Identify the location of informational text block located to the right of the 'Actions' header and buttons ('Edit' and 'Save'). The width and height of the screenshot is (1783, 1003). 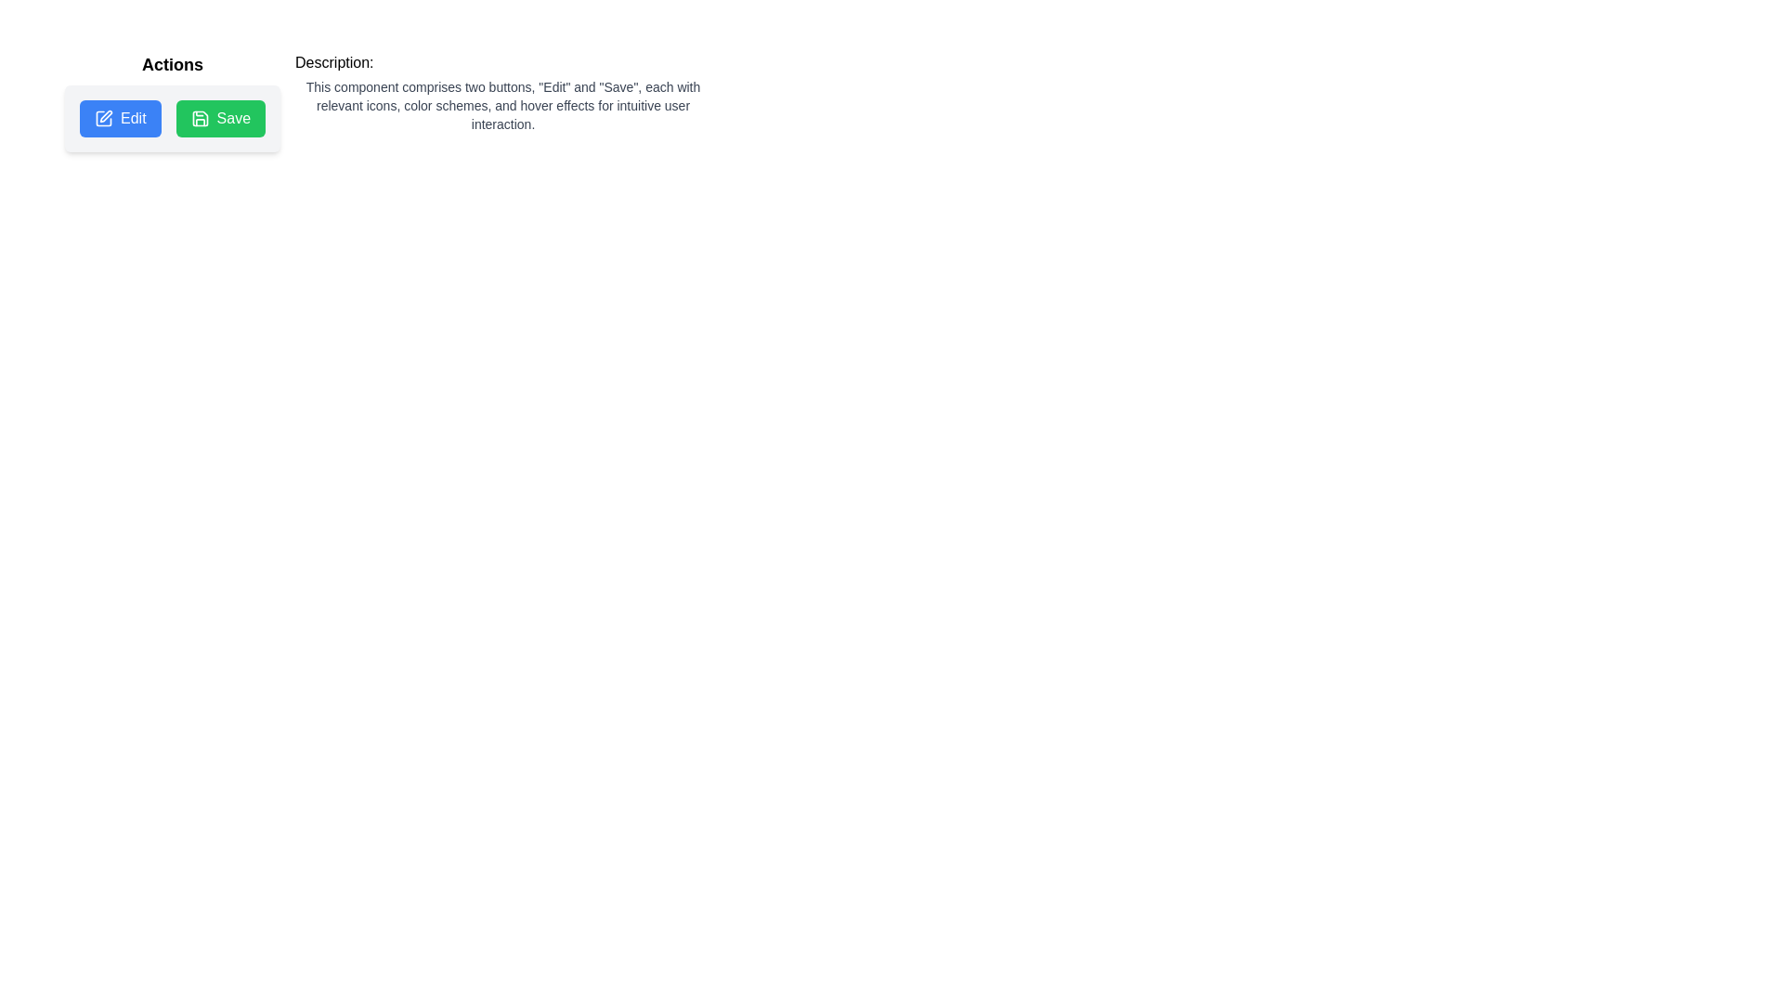
(503, 93).